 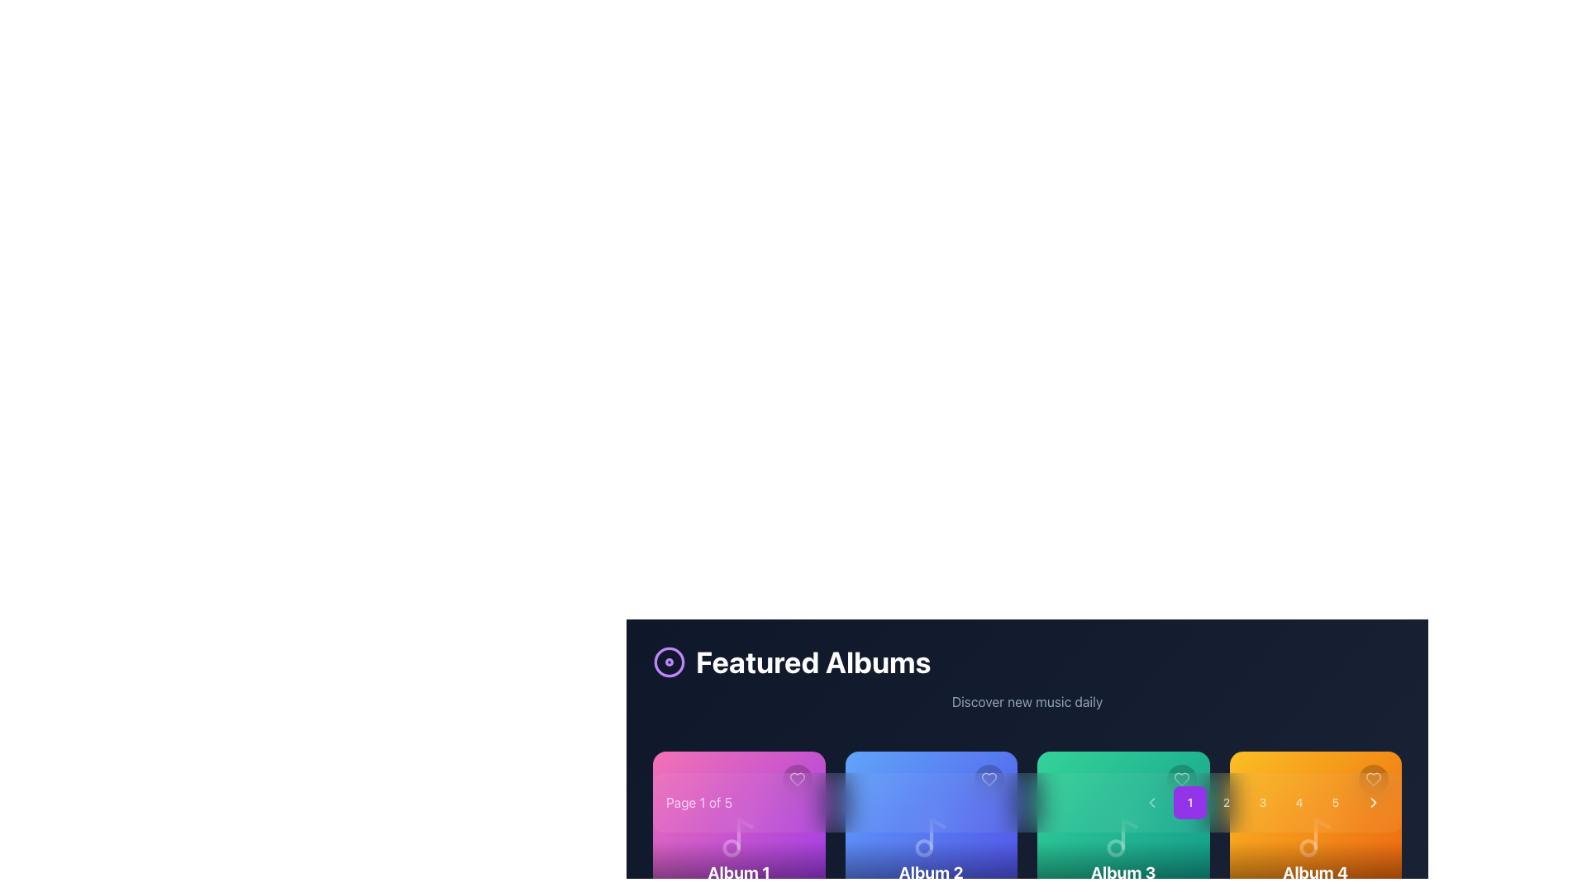 I want to click on the favorite button located in the top-right corner of the 'Album 4' card, so click(x=1373, y=780).